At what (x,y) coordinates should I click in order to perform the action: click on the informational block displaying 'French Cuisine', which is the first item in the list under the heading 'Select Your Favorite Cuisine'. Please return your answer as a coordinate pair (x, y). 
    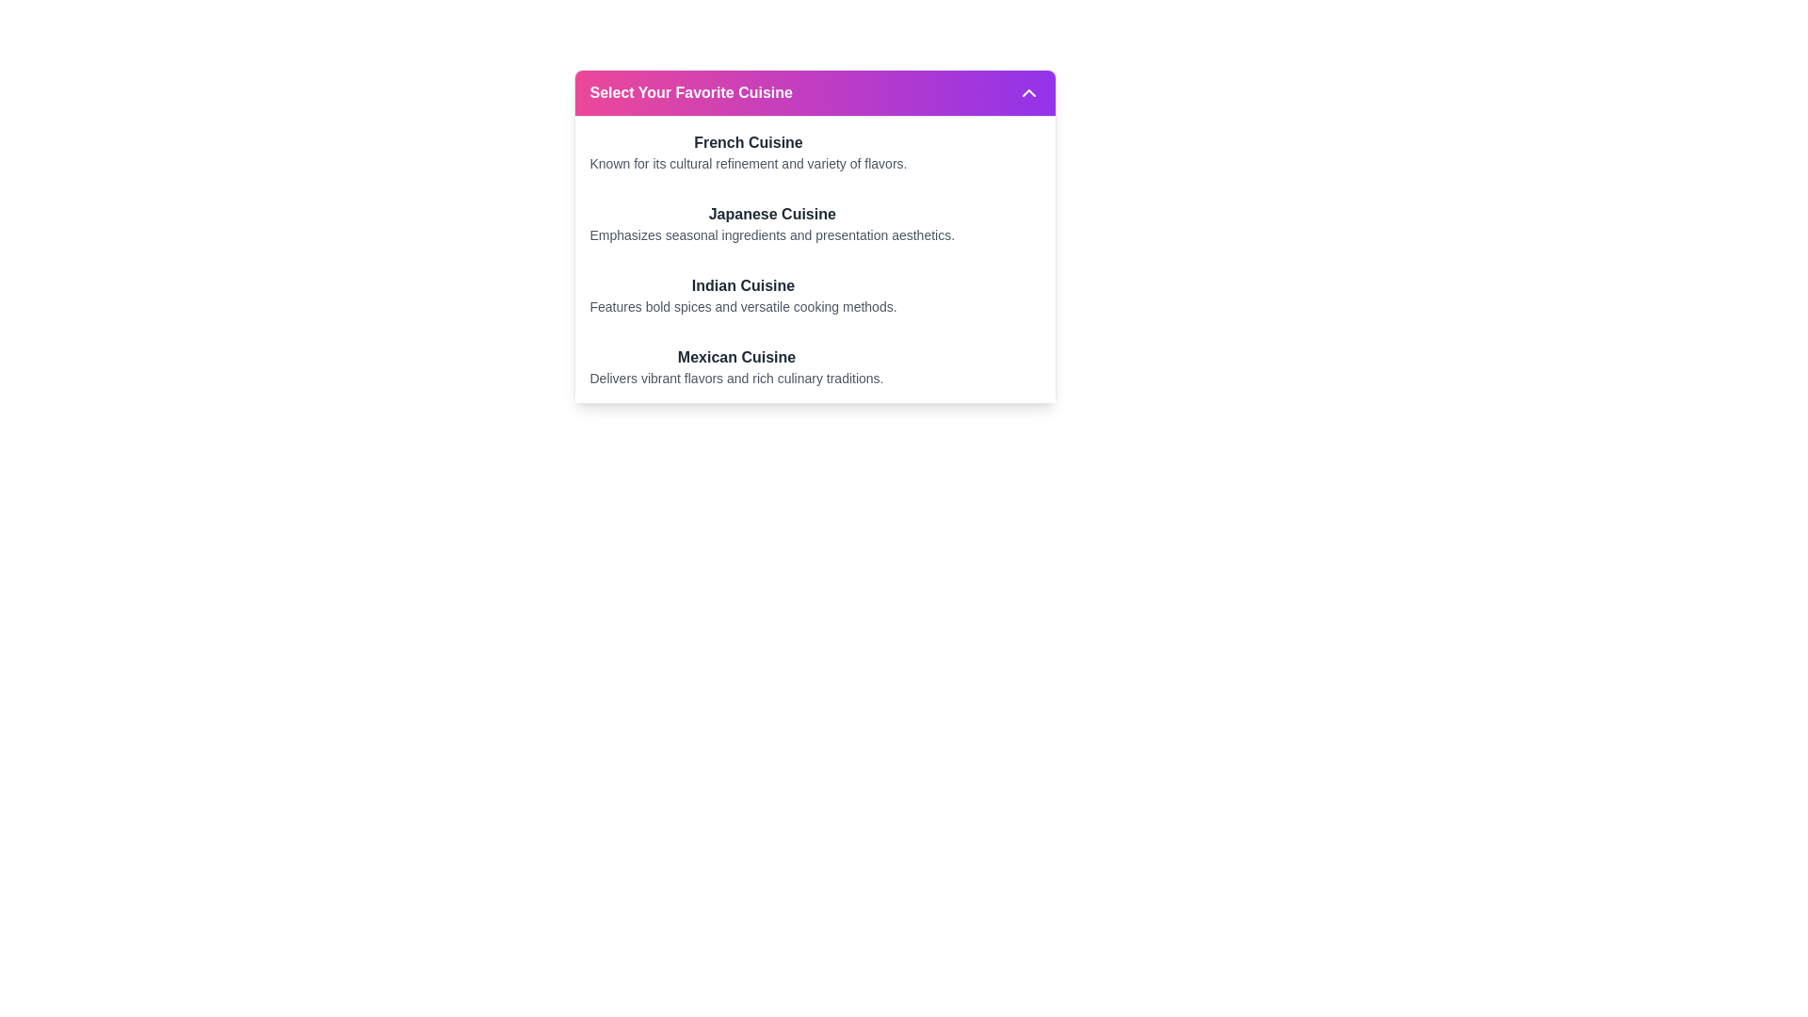
    Looking at the image, I should click on (815, 152).